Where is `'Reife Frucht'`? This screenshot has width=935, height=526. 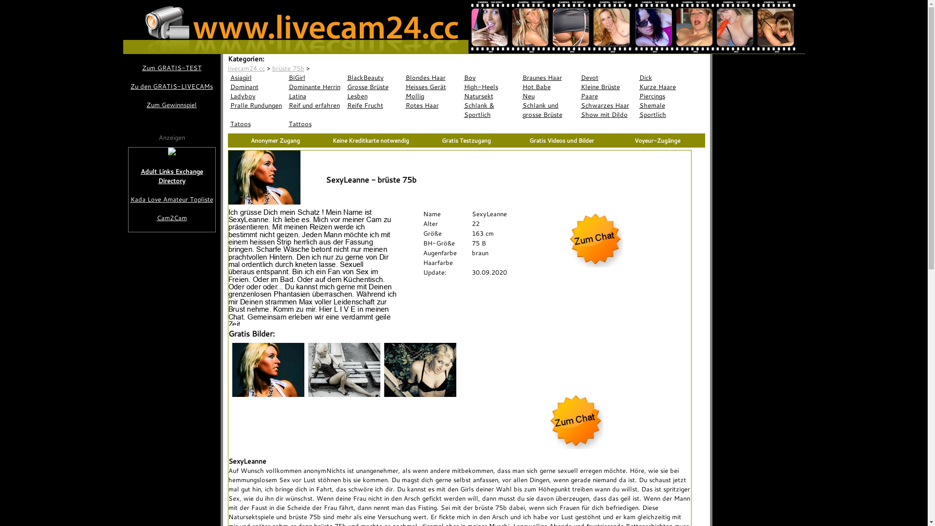 'Reife Frucht' is located at coordinates (374, 105).